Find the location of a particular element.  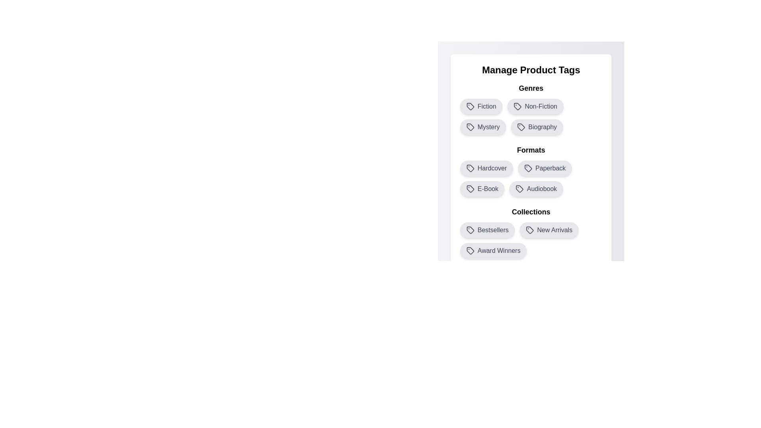

the 'Hardcover' toggleable button in the 'Formats' section is located at coordinates (486, 168).